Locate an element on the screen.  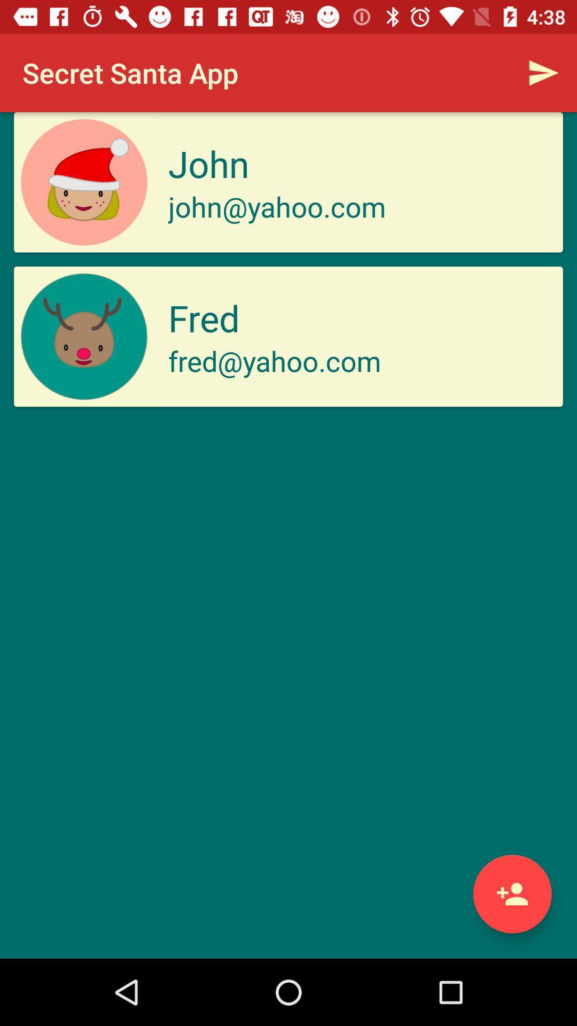
the icon to the right of secret santa app icon is located at coordinates (543, 72).